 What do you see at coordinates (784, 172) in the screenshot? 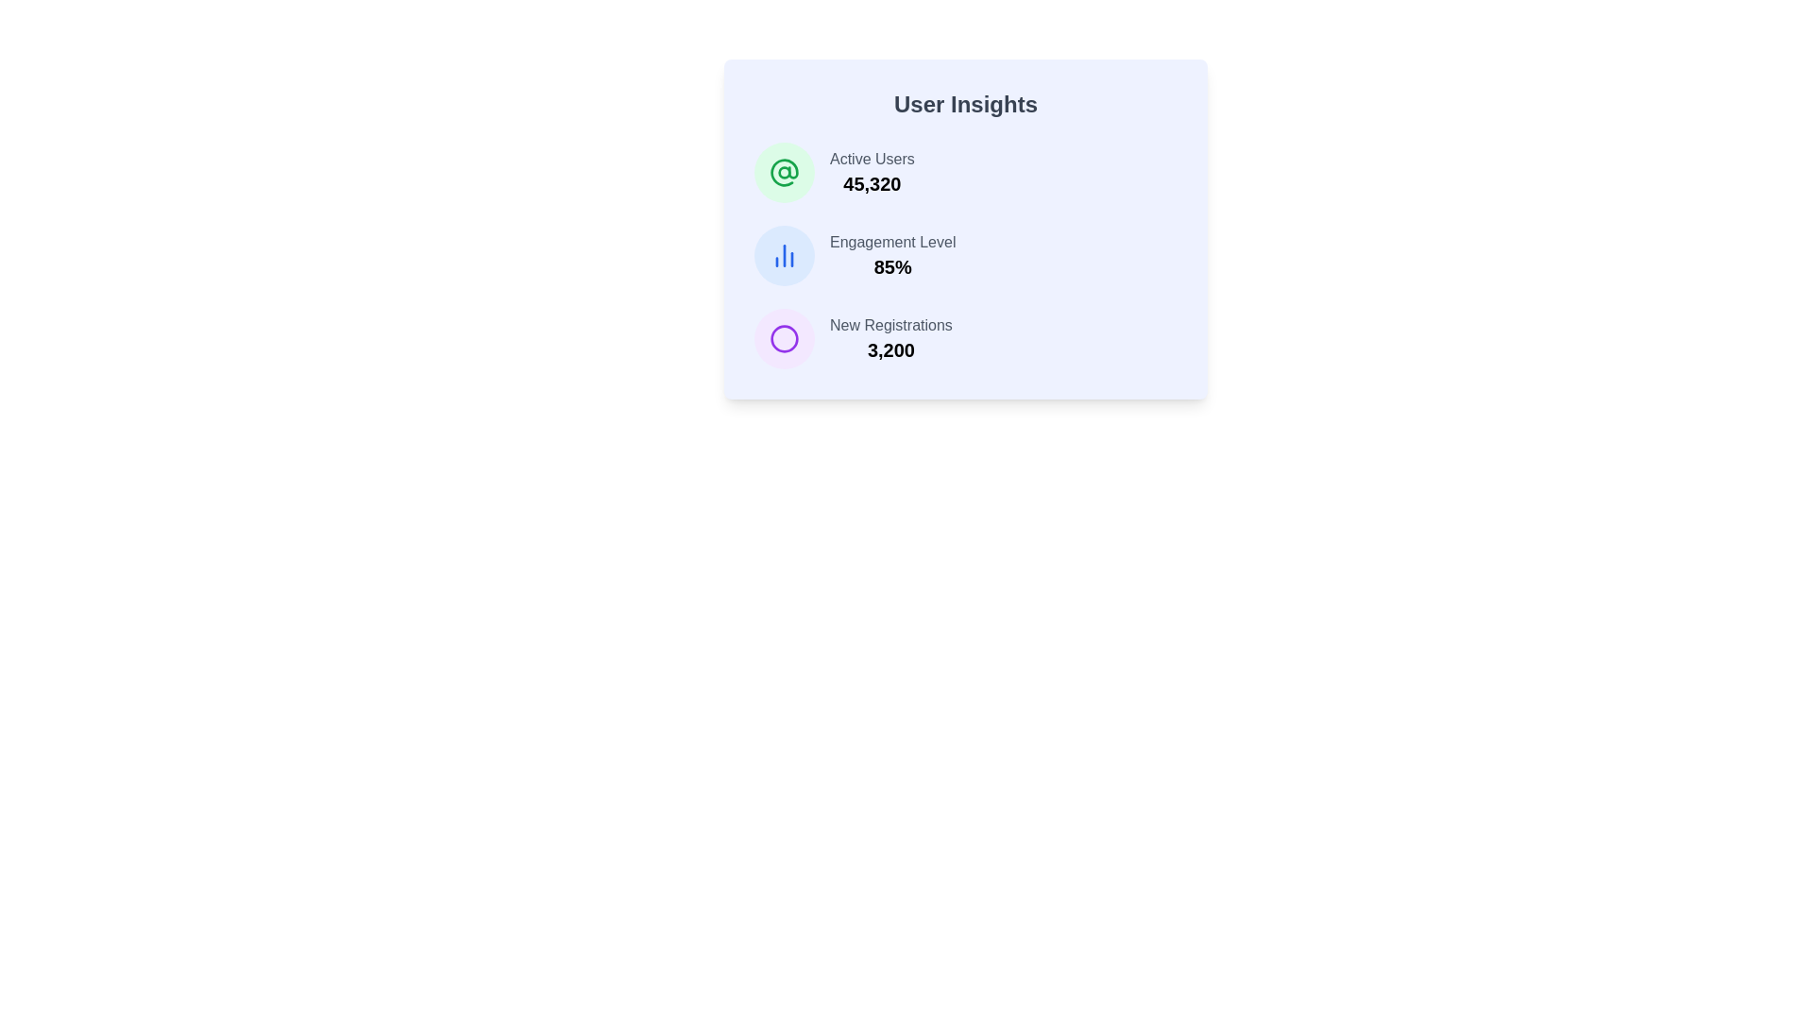
I see `the decorative icon representing the 'Active Users' section, located to the left of the text label within a green circle` at bounding box center [784, 172].